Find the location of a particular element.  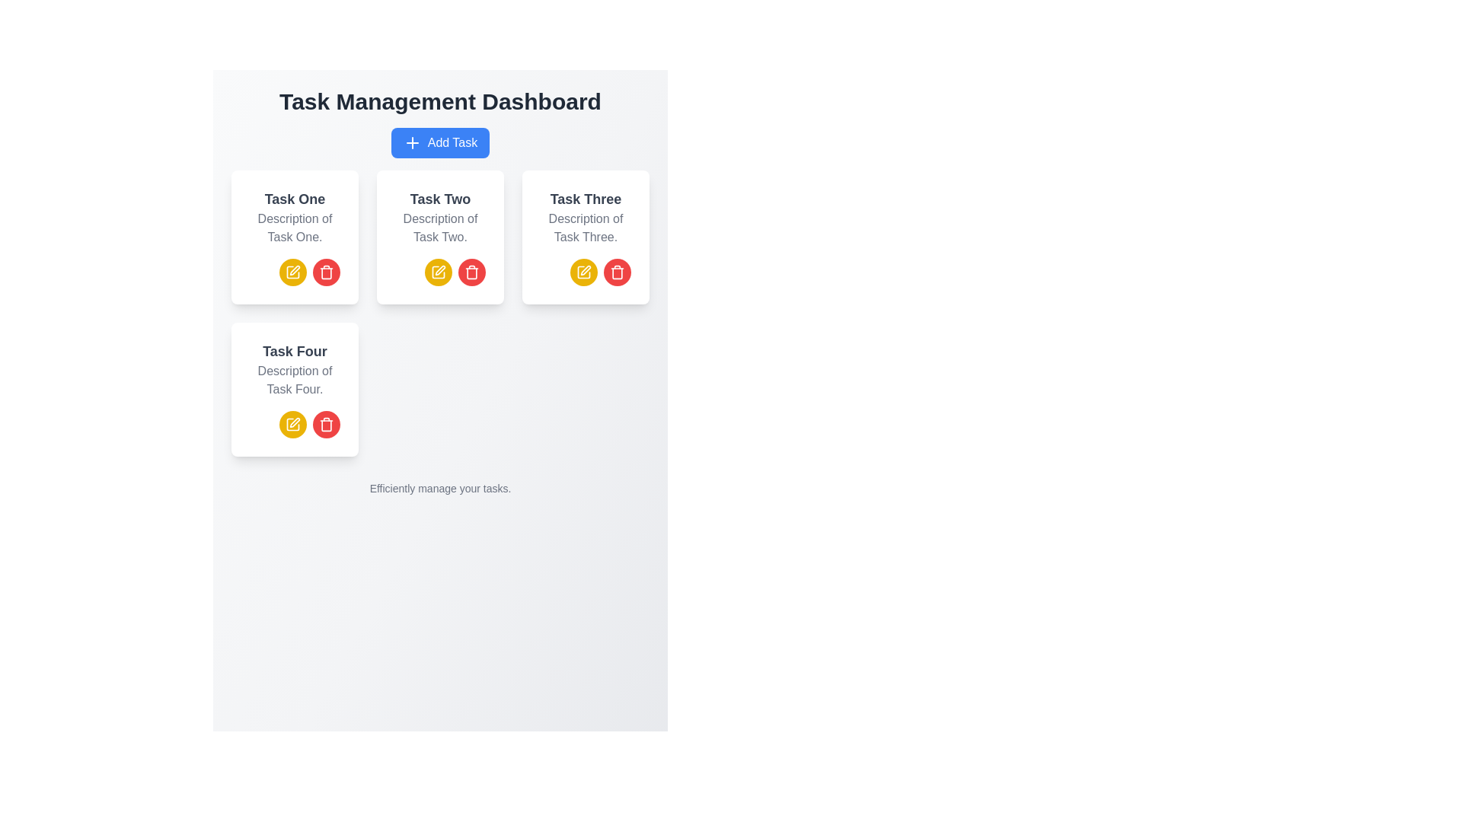

the delete button located at the bottom-right corner of the 'Task Two' card in the 'Task Management Dashboard' is located at coordinates (471, 272).